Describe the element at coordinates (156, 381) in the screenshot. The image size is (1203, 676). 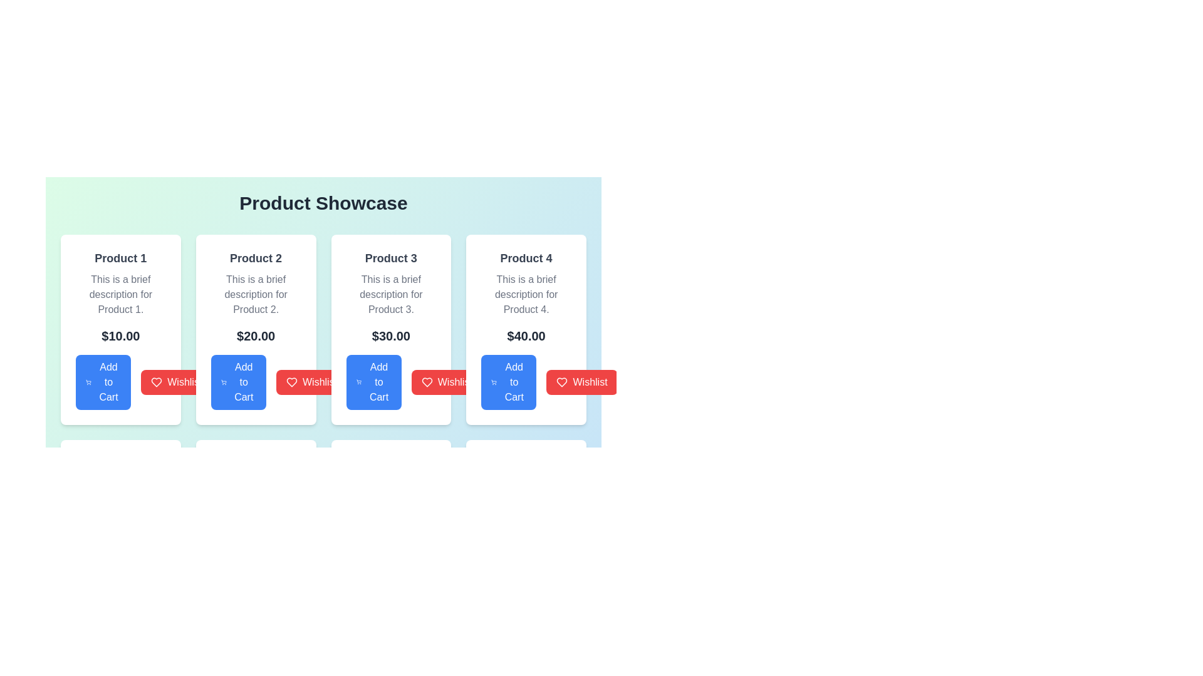
I see `the heart-shaped icon with a red fill representing the favorite or wishlist feature located within the 'Wishlist' button for 'Product 2'` at that location.